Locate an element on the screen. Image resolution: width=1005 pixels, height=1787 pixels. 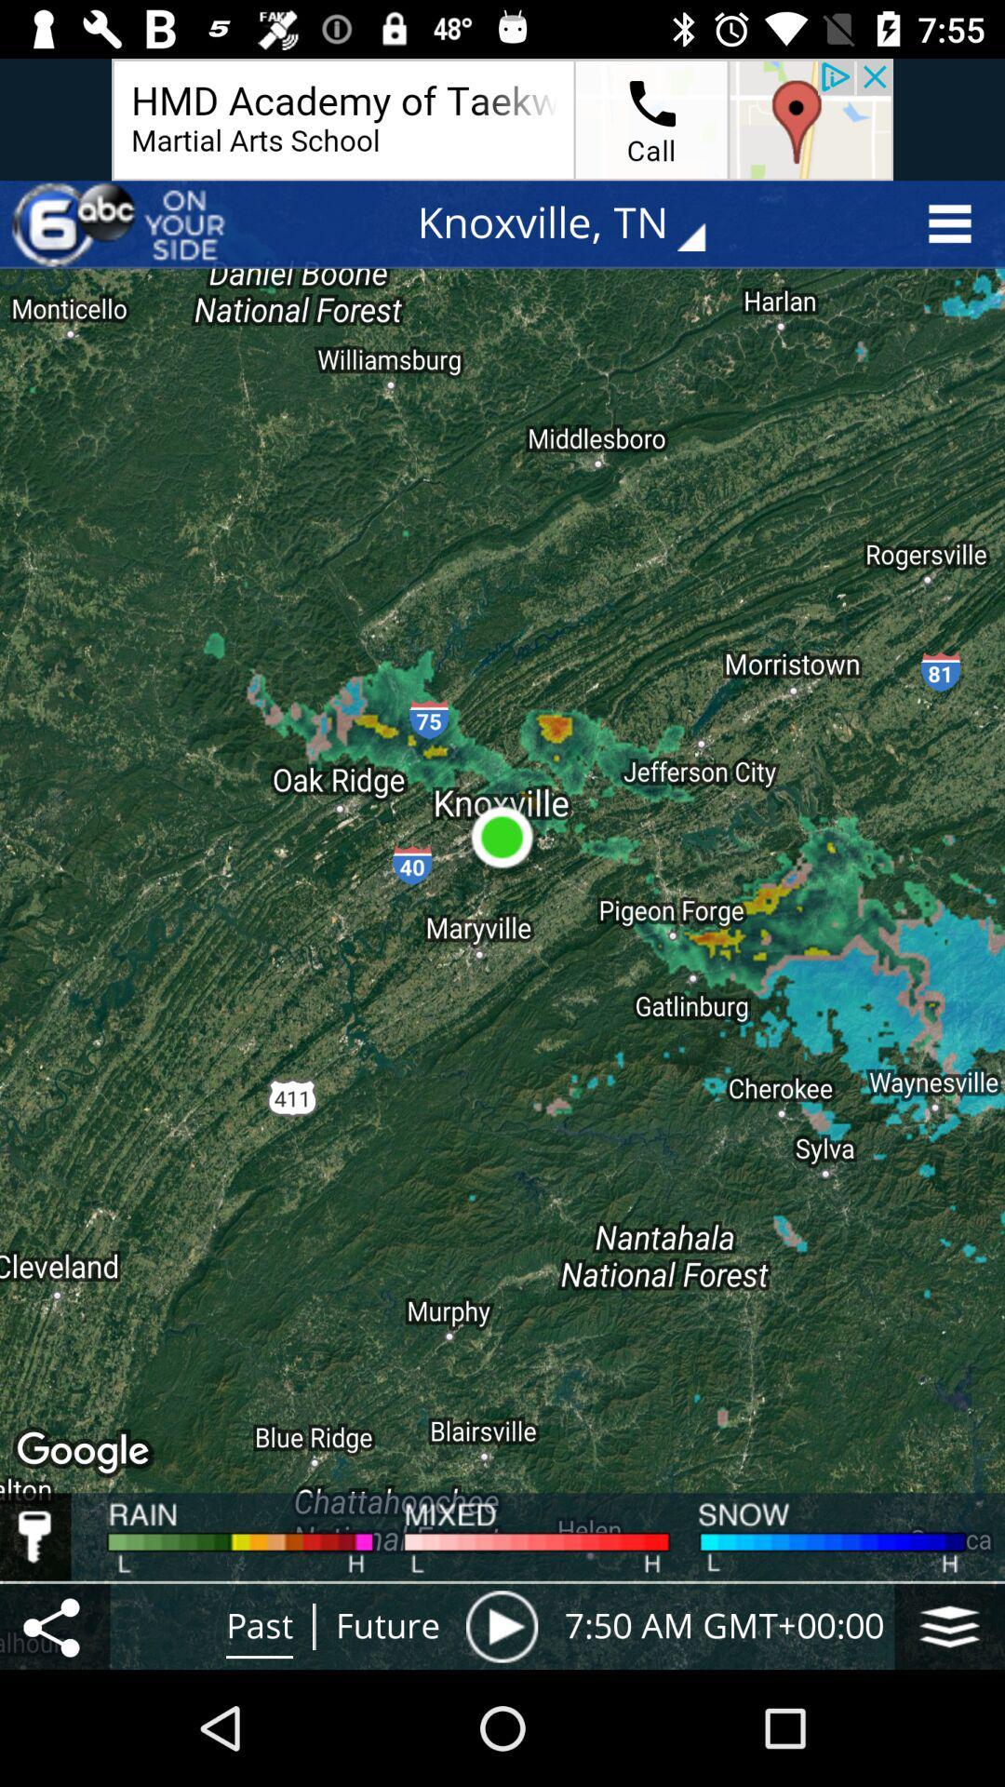
item next to future is located at coordinates (501, 1625).